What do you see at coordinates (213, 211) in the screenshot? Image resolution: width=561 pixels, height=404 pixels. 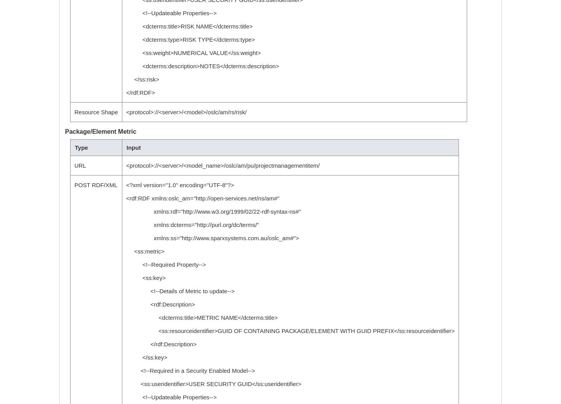 I see `'xmlns:rdf="http://www.w3.org/1999/02/22-rdf-syntax-ns#"'` at bounding box center [213, 211].